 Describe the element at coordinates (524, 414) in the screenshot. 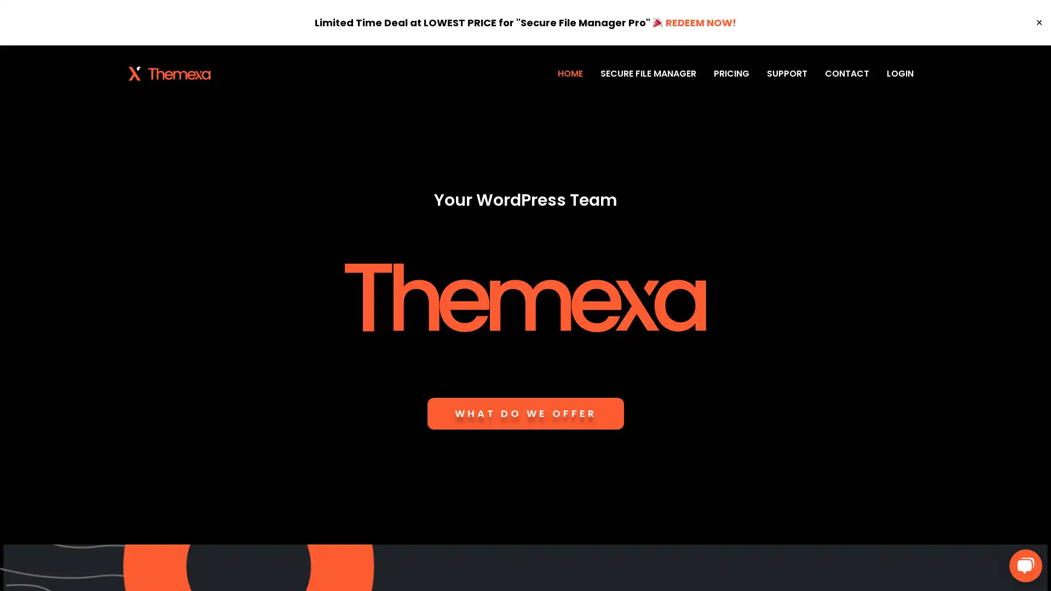

I see `WHAT DO WE OFFER` at that location.